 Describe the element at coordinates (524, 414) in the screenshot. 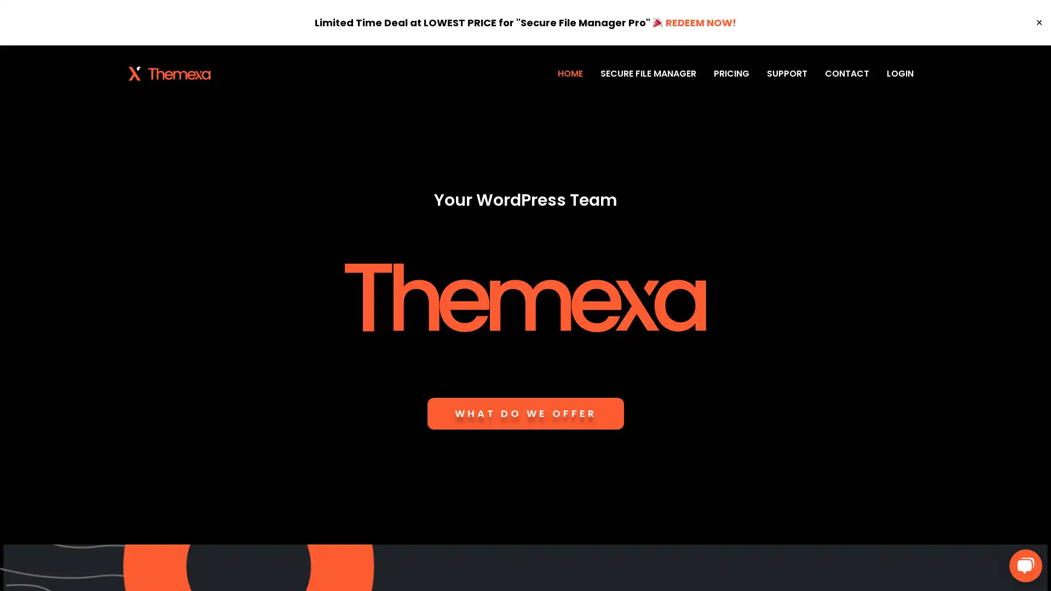

I see `WHAT DO WE OFFER` at that location.